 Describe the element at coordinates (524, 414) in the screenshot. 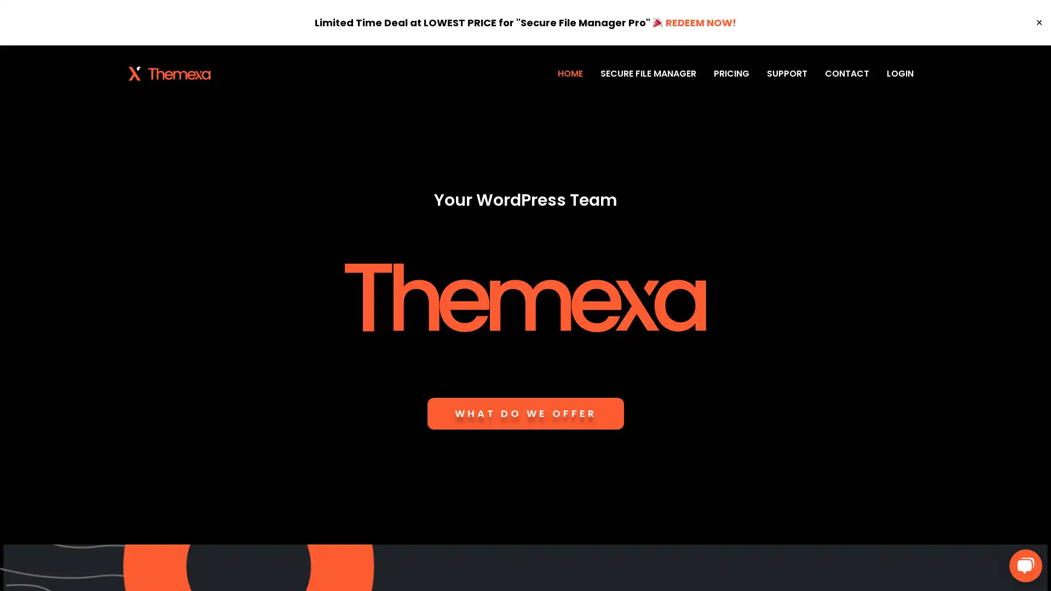

I see `WHAT DO WE OFFER` at that location.